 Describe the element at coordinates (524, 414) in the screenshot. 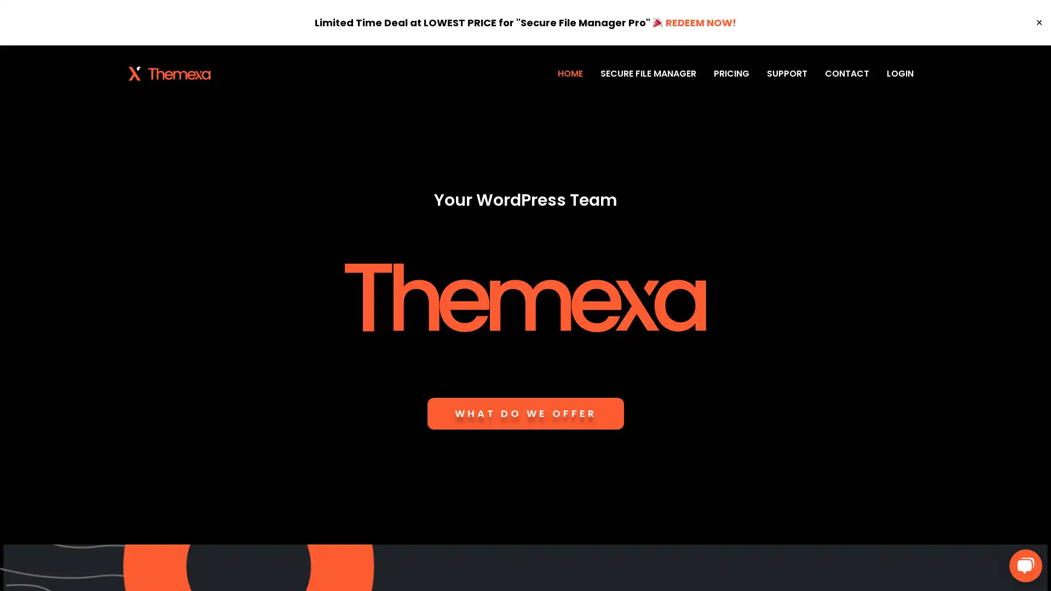

I see `WHAT DO WE OFFER` at that location.